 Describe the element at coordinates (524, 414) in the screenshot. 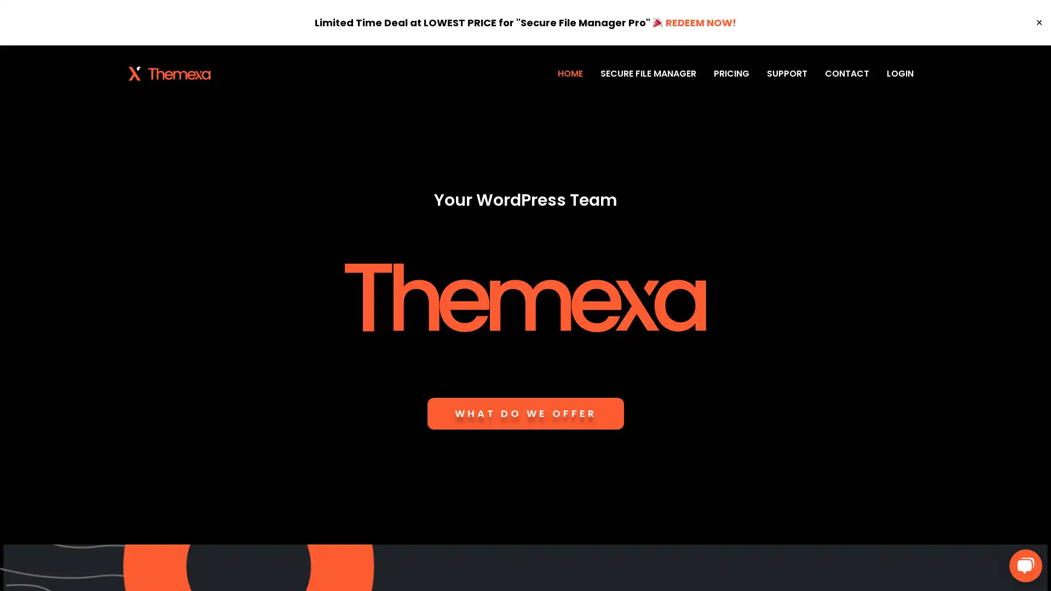

I see `WHAT DO WE OFFER` at that location.